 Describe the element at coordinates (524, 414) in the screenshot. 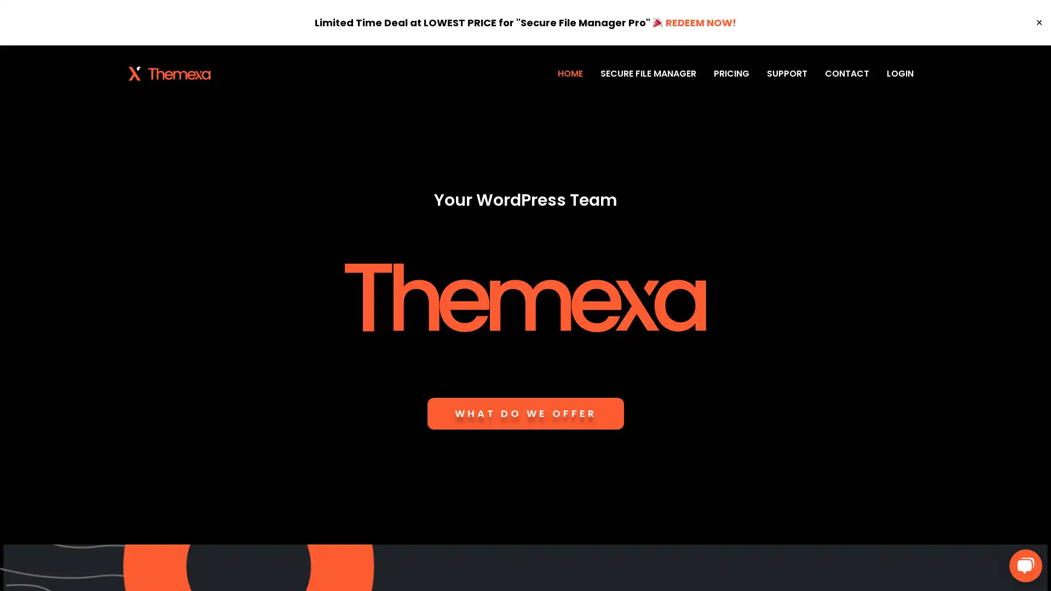

I see `WHAT DO WE OFFER` at that location.